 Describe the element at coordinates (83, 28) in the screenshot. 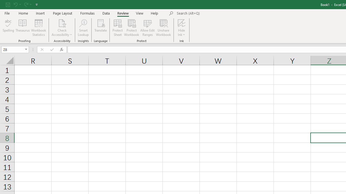

I see `'Smart Lookup'` at that location.